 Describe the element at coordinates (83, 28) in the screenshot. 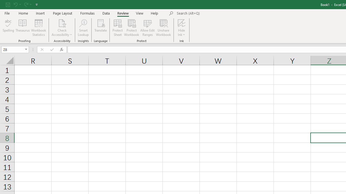

I see `'Smart Lookup'` at that location.